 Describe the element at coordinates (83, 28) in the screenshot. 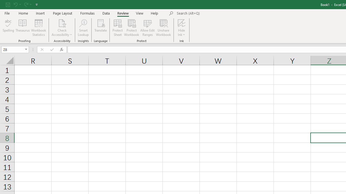

I see `'Smart Lookup'` at that location.